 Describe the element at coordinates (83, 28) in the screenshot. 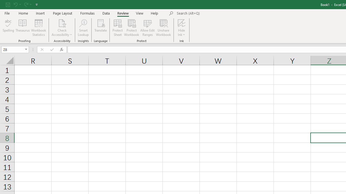

I see `'Smart Lookup'` at that location.